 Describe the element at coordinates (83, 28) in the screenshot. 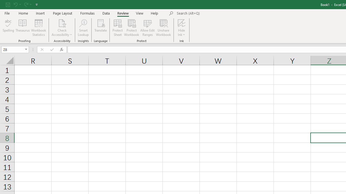

I see `'Smart Lookup'` at that location.